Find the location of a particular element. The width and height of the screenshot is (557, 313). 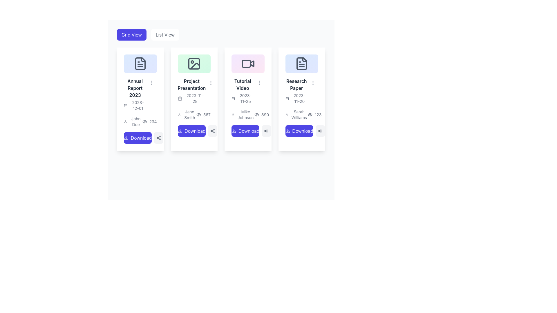

the Metadata display element that shows the author 'John Doe' and the number of views '234', which is located in the card for 'Annual Report 2023', positioned above the 'Download' button and below the date '2023-12-01' is located at coordinates (140, 121).